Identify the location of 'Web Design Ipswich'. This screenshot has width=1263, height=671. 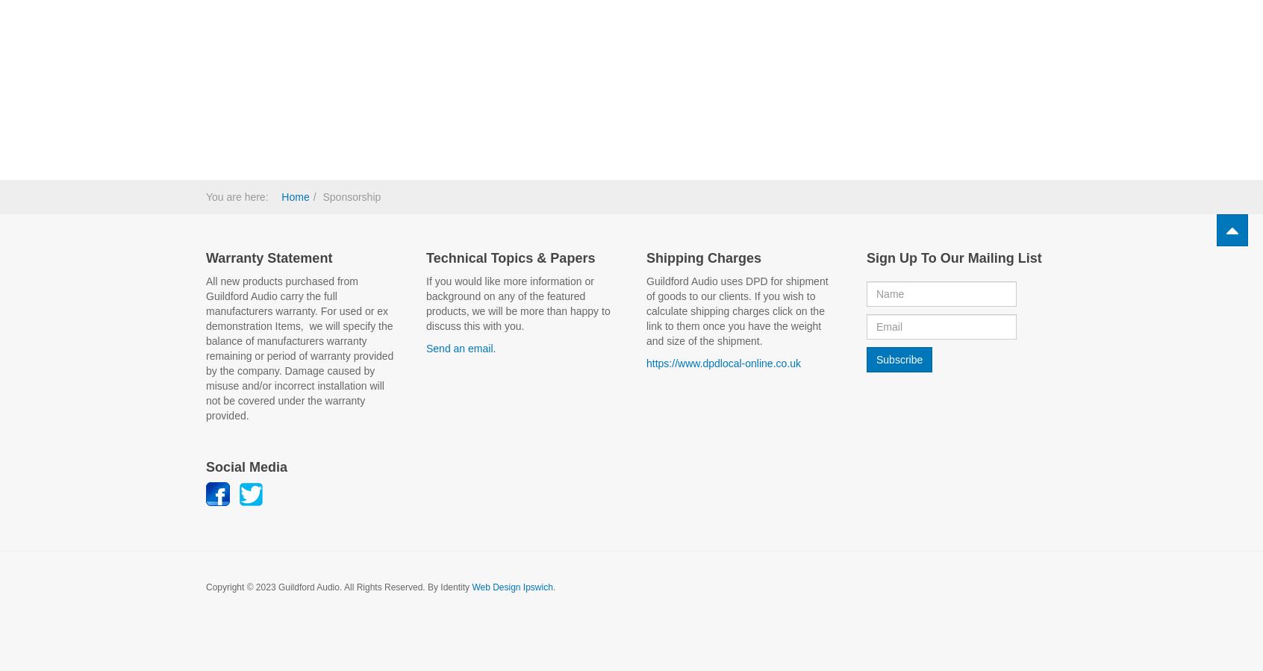
(511, 587).